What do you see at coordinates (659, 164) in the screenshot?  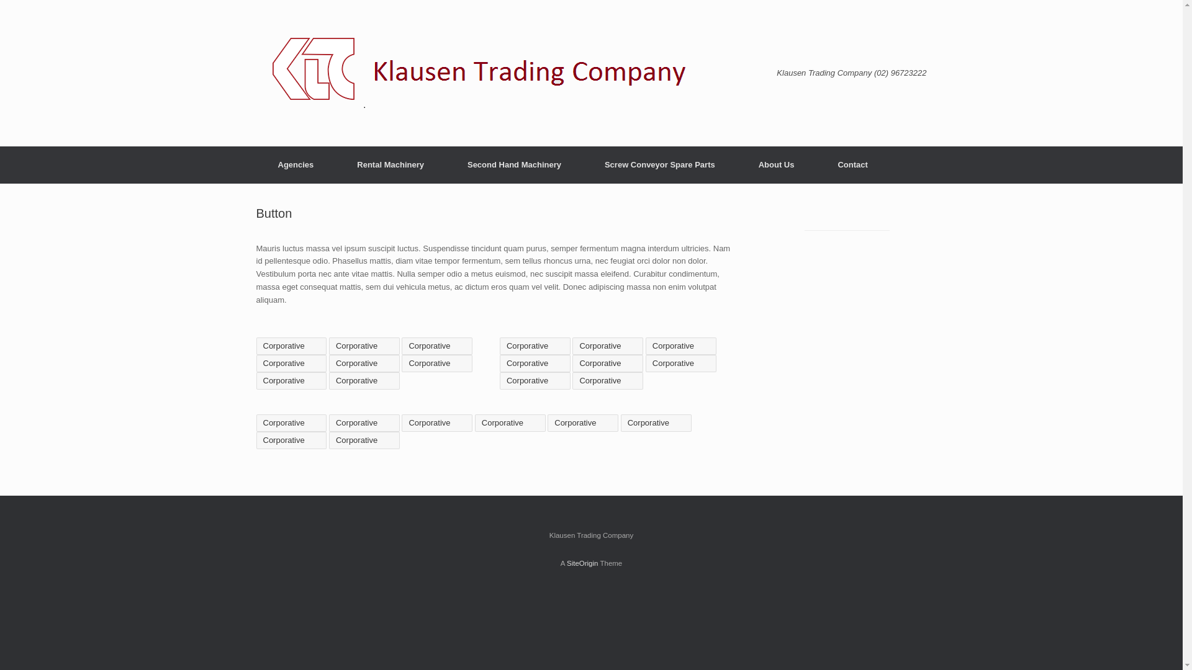 I see `'Screw Conveyor Spare Parts'` at bounding box center [659, 164].